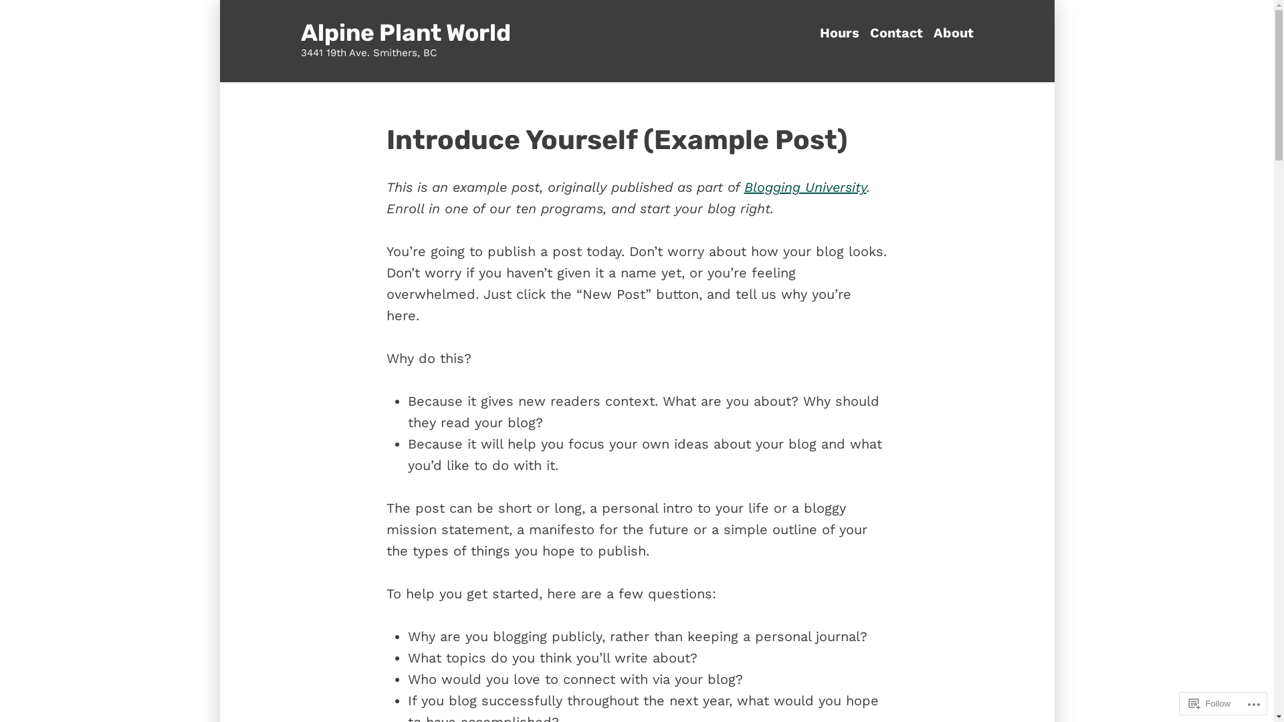  I want to click on 'About', so click(950, 32).